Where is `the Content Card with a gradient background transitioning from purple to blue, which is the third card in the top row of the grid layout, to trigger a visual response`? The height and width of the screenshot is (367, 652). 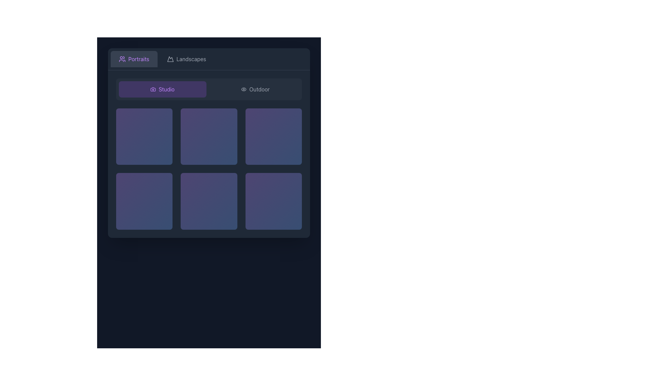
the Content Card with a gradient background transitioning from purple to blue, which is the third card in the top row of the grid layout, to trigger a visual response is located at coordinates (273, 137).